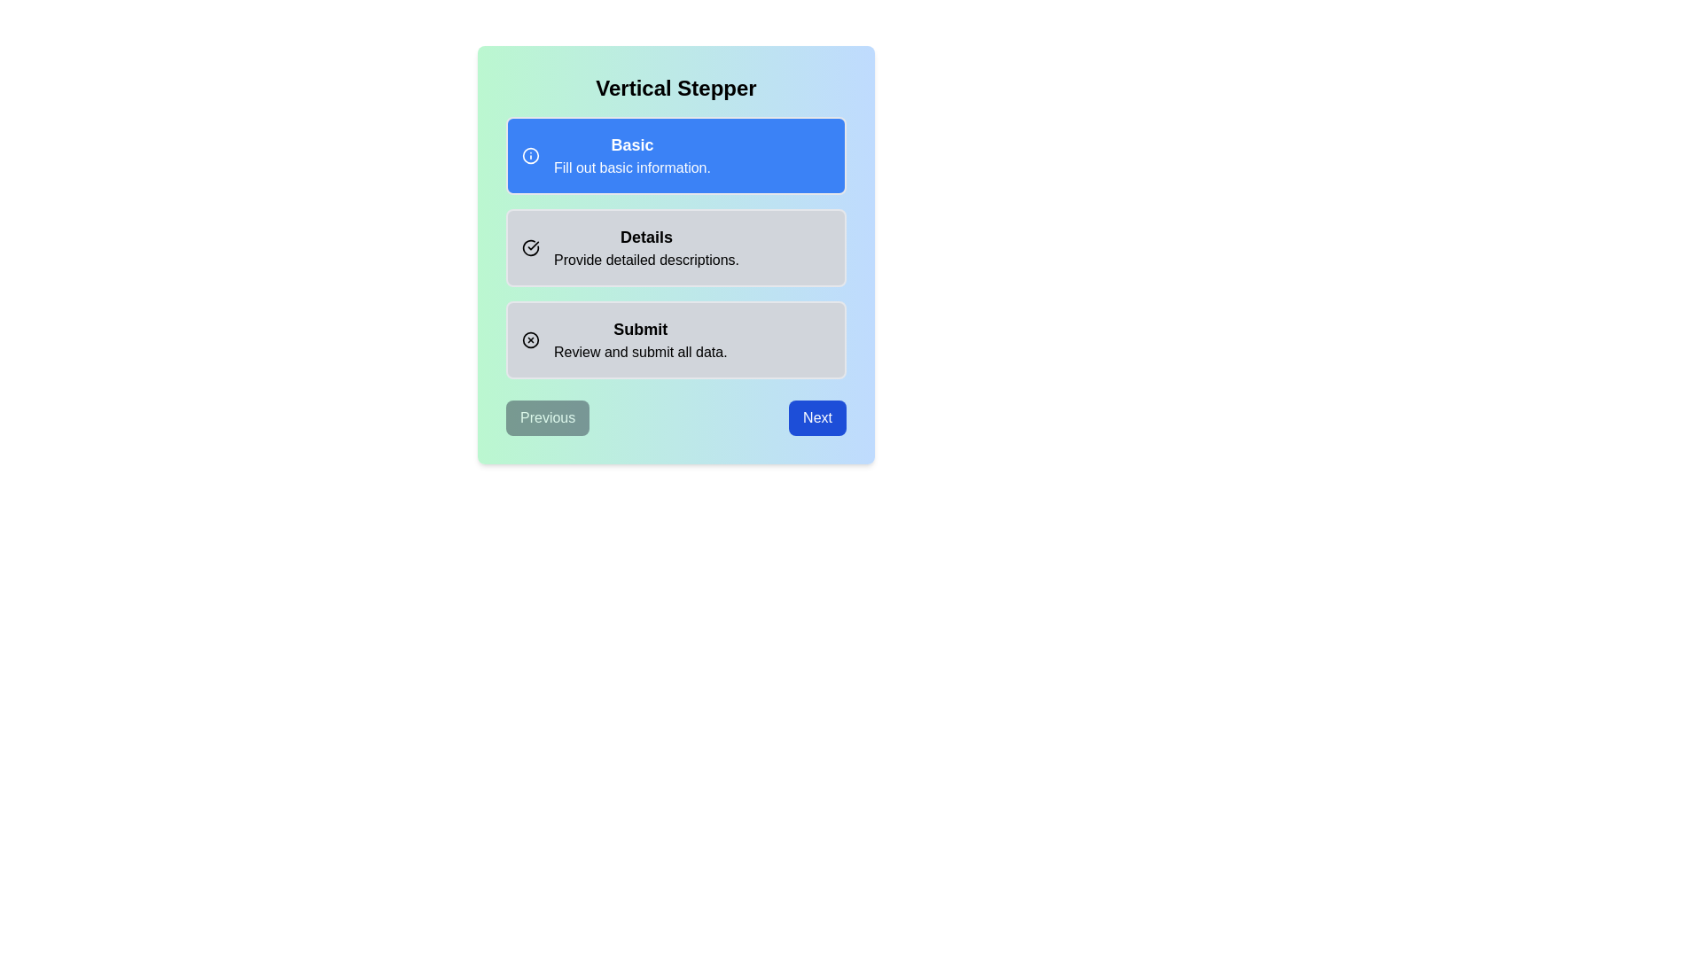  I want to click on the navigation button to move to the Next step, so click(816, 417).